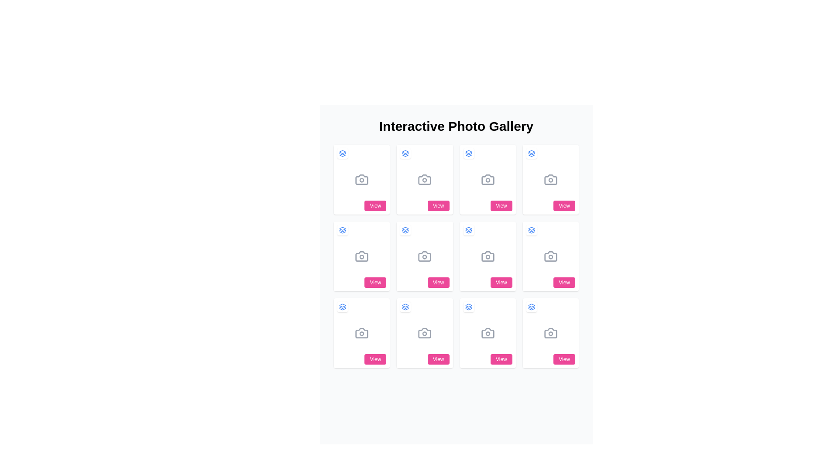  I want to click on the photo icon located in the fourth row and first column of the gallery grid to interact with it, so click(362, 333).